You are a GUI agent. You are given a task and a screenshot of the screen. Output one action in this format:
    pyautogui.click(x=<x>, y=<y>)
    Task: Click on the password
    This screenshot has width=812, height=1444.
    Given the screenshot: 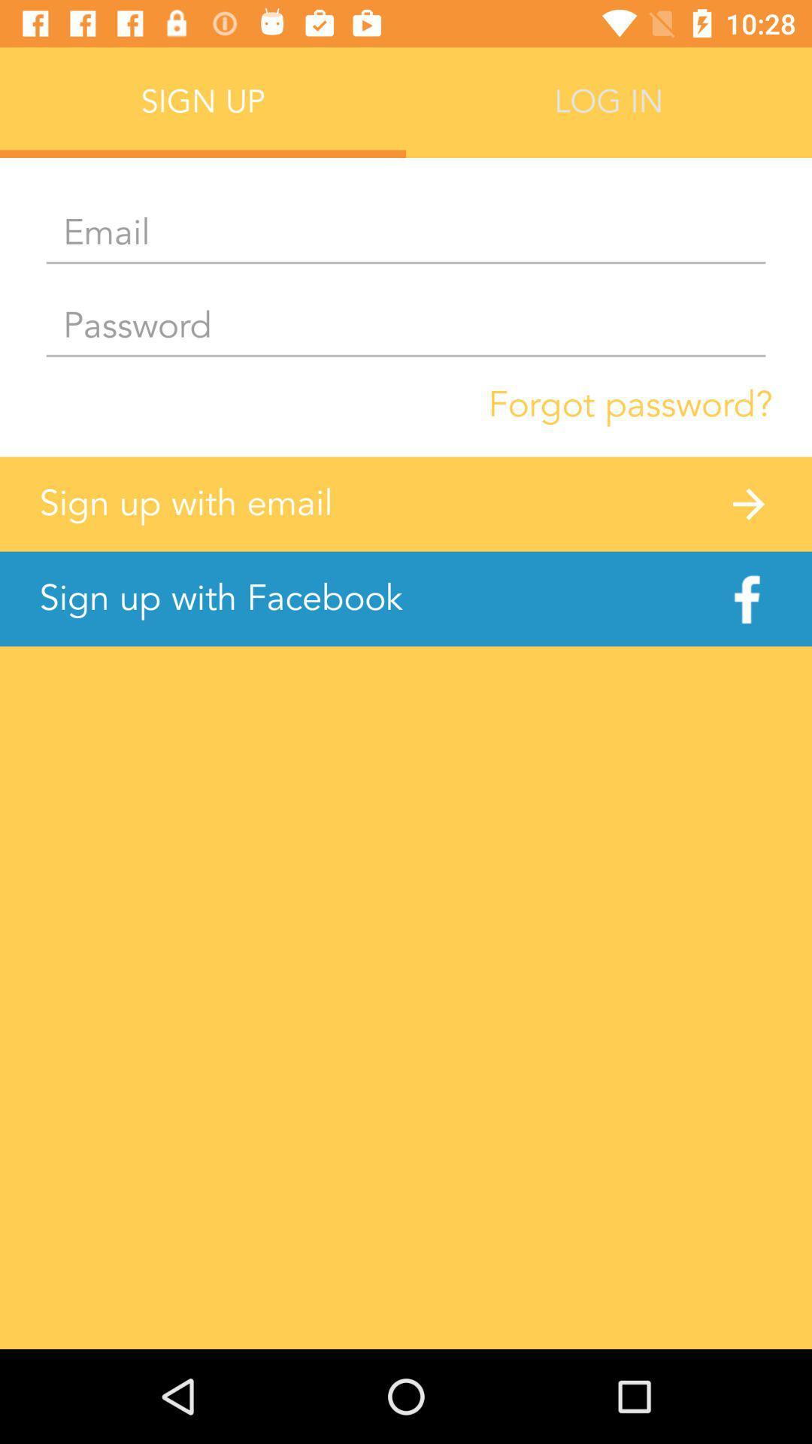 What is the action you would take?
    pyautogui.click(x=406, y=326)
    